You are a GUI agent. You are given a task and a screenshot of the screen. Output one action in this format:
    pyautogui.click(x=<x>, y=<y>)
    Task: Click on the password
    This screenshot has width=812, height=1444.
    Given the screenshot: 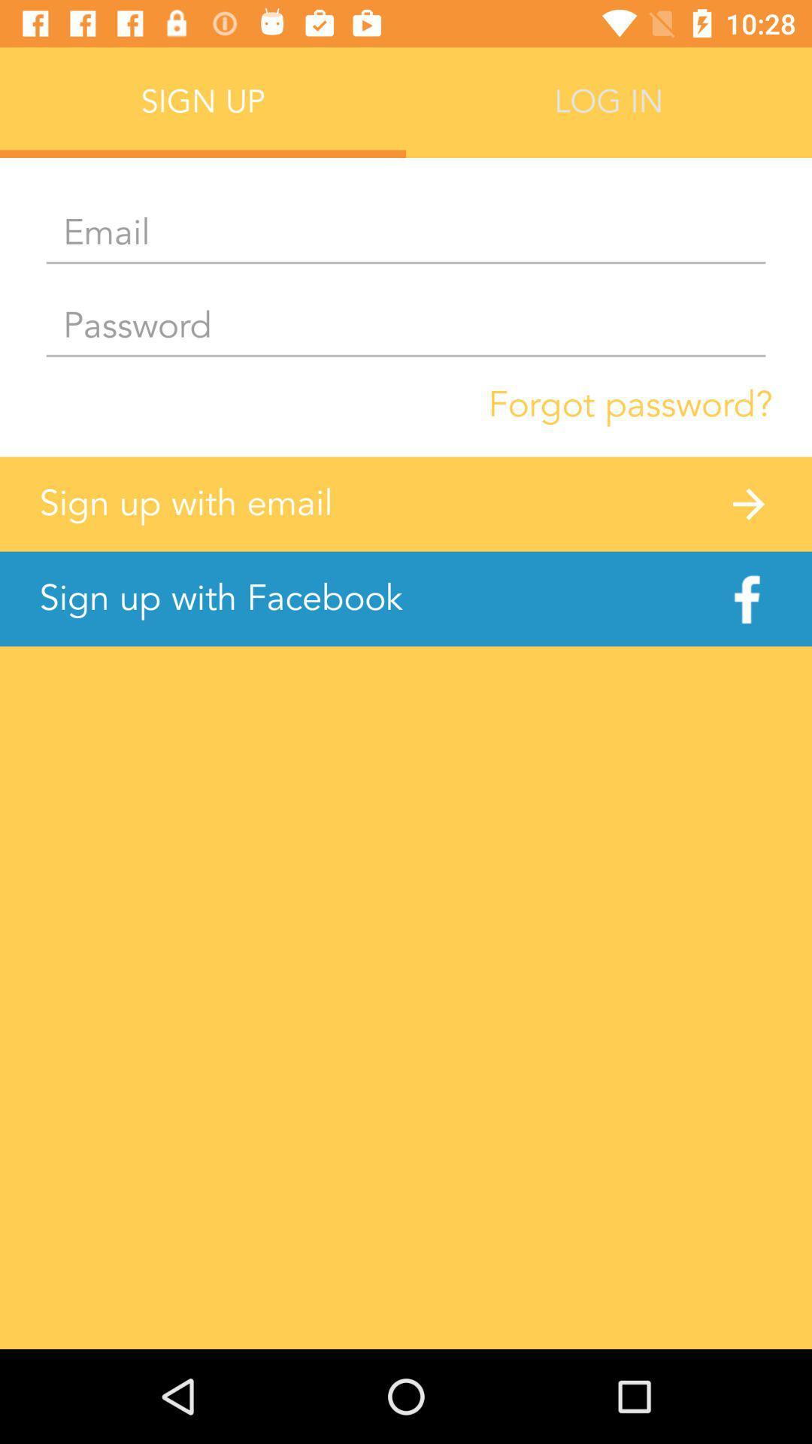 What is the action you would take?
    pyautogui.click(x=406, y=326)
    